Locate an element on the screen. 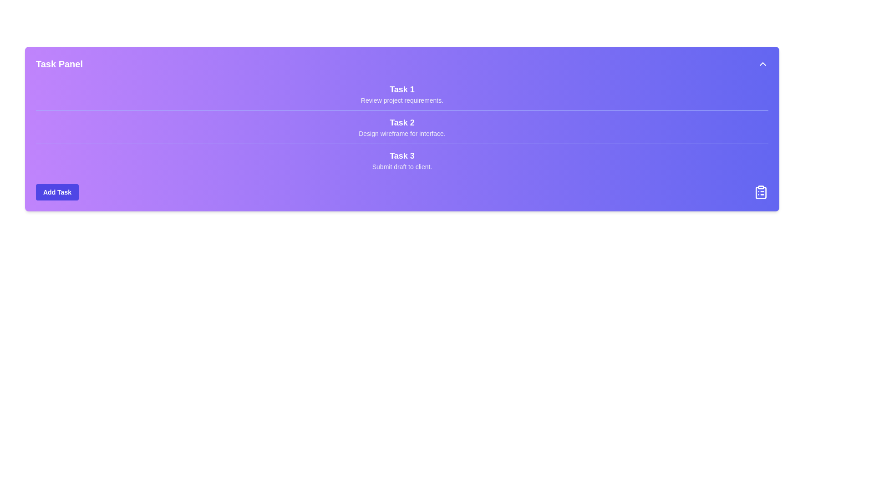 Image resolution: width=874 pixels, height=491 pixels. the upward-pointing chevron icon in the top-right corner of the purple 'Task Panel' is located at coordinates (762, 64).